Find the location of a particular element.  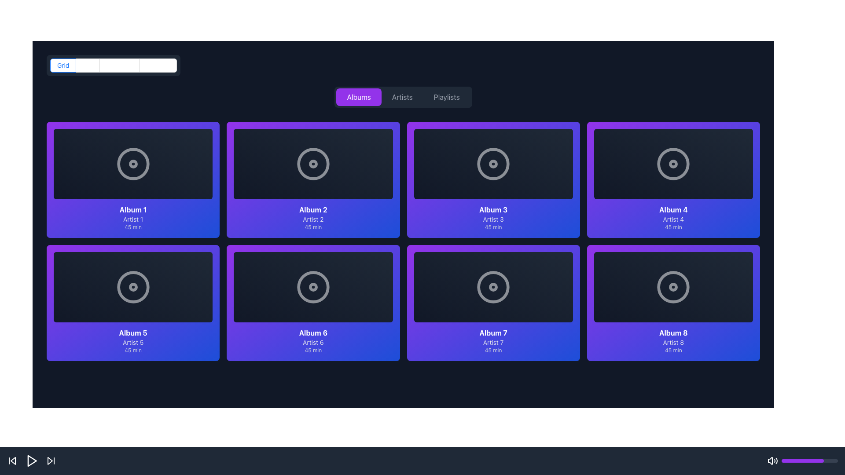

the circular SVG graphic element located in the center of the fourth album card in the top row of the grid, which features a thin stroke and no fill color is located at coordinates (673, 164).